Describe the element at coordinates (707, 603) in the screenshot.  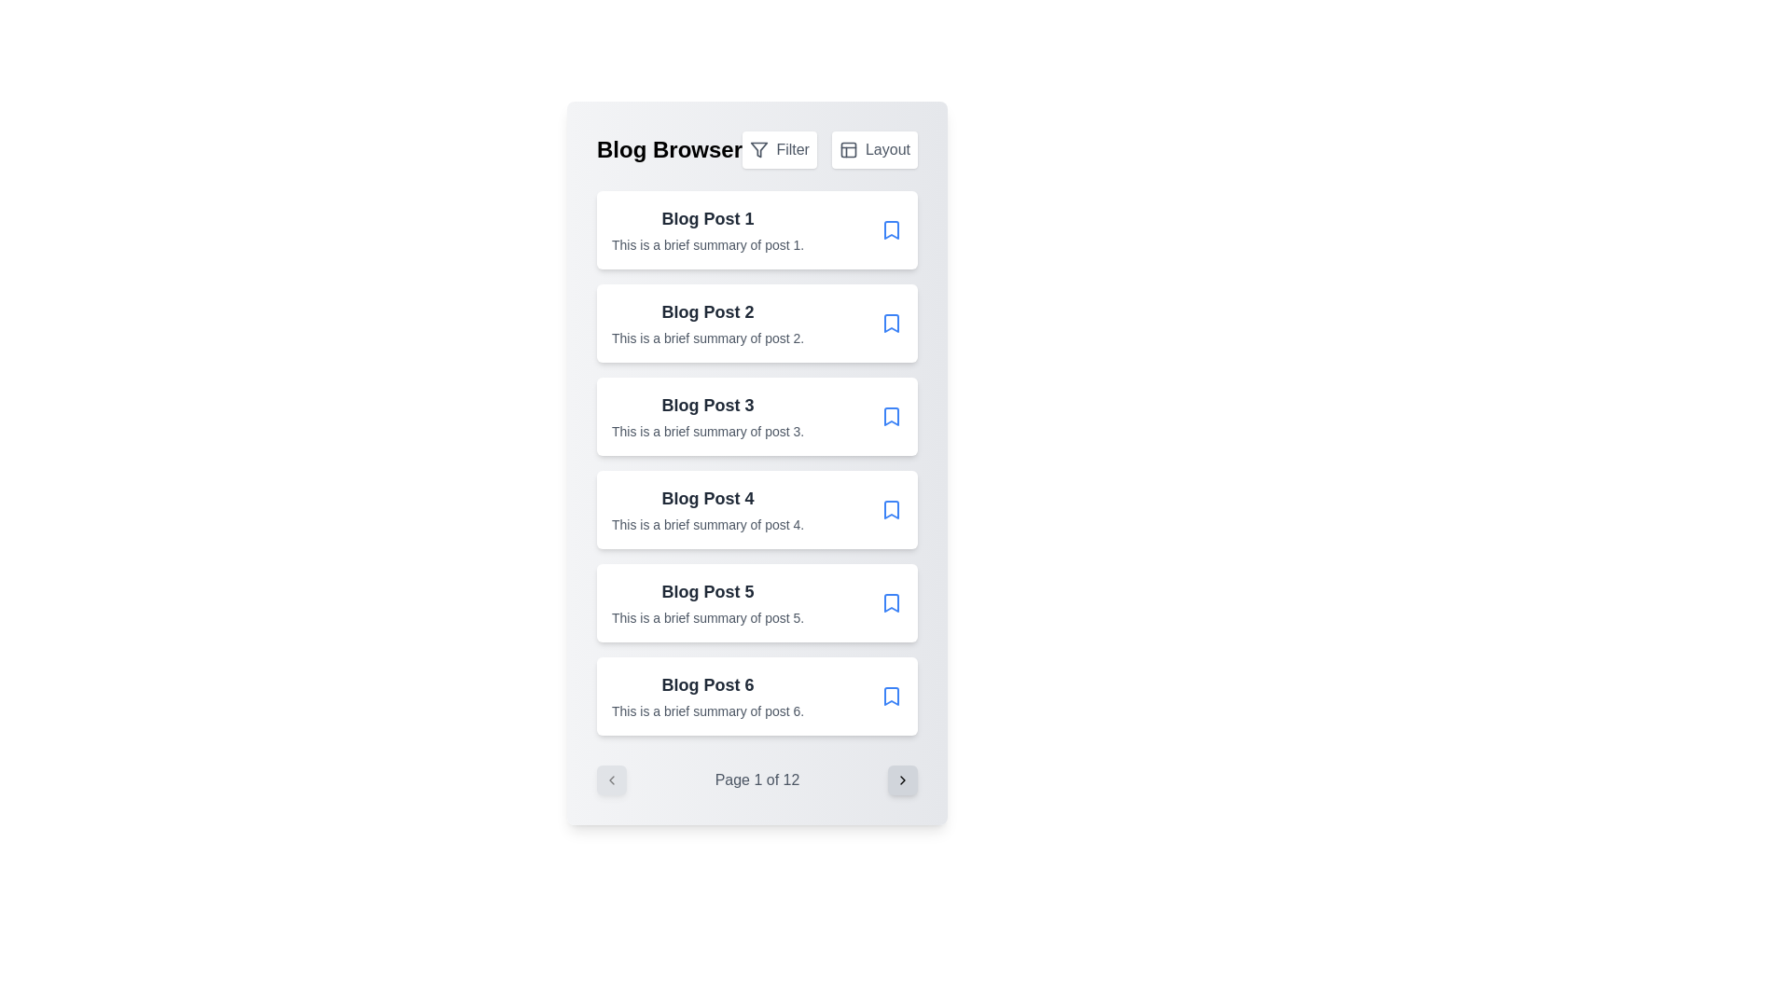
I see `the list item titled 'Blog Post 5'` at that location.